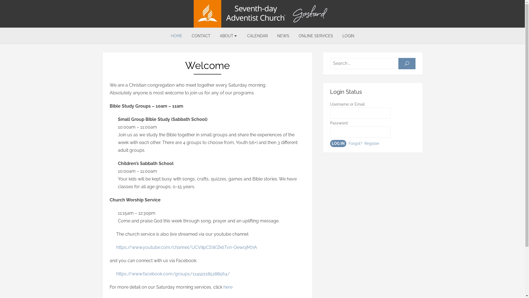 This screenshot has width=529, height=298. Describe the element at coordinates (283, 36) in the screenshot. I see `'NEWS'` at that location.